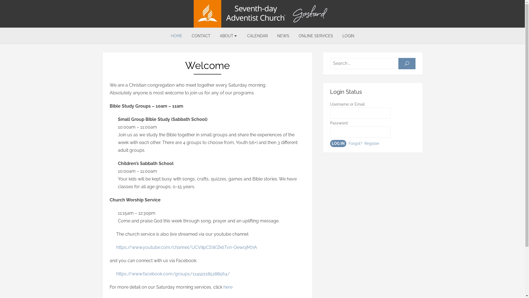 This screenshot has width=529, height=298. Describe the element at coordinates (283, 36) in the screenshot. I see `'NEWS'` at that location.